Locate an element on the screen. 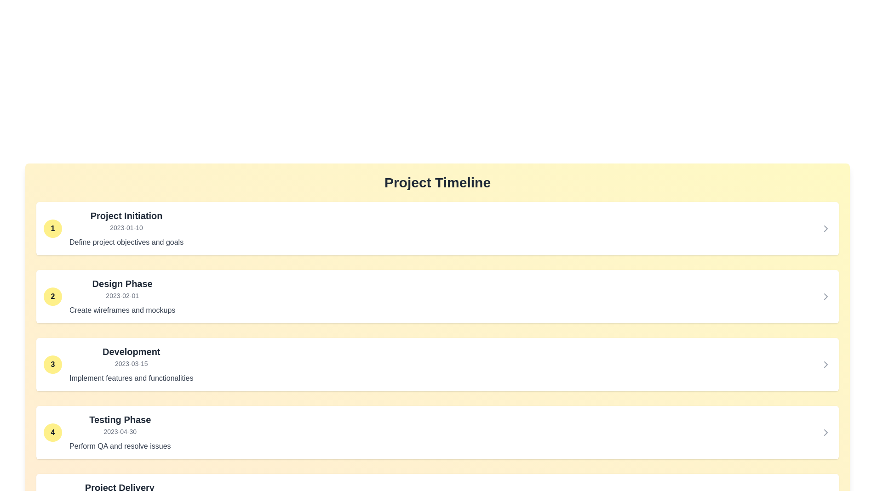 This screenshot has height=496, width=883. the prominent textual label containing the text 'Testing Phase', styled in bold and dark gray, which serves as a section heading in the Testing Phase section is located at coordinates (120, 420).